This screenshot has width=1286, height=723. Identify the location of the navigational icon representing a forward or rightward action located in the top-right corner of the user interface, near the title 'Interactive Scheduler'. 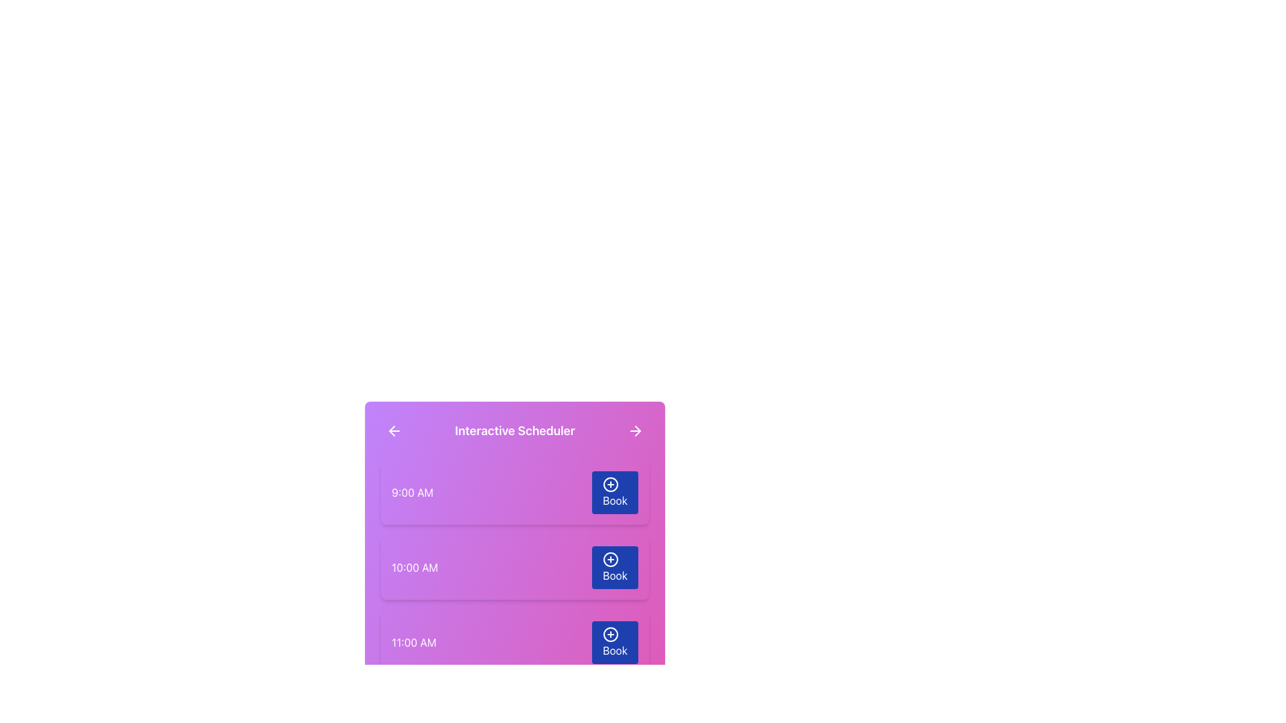
(637, 431).